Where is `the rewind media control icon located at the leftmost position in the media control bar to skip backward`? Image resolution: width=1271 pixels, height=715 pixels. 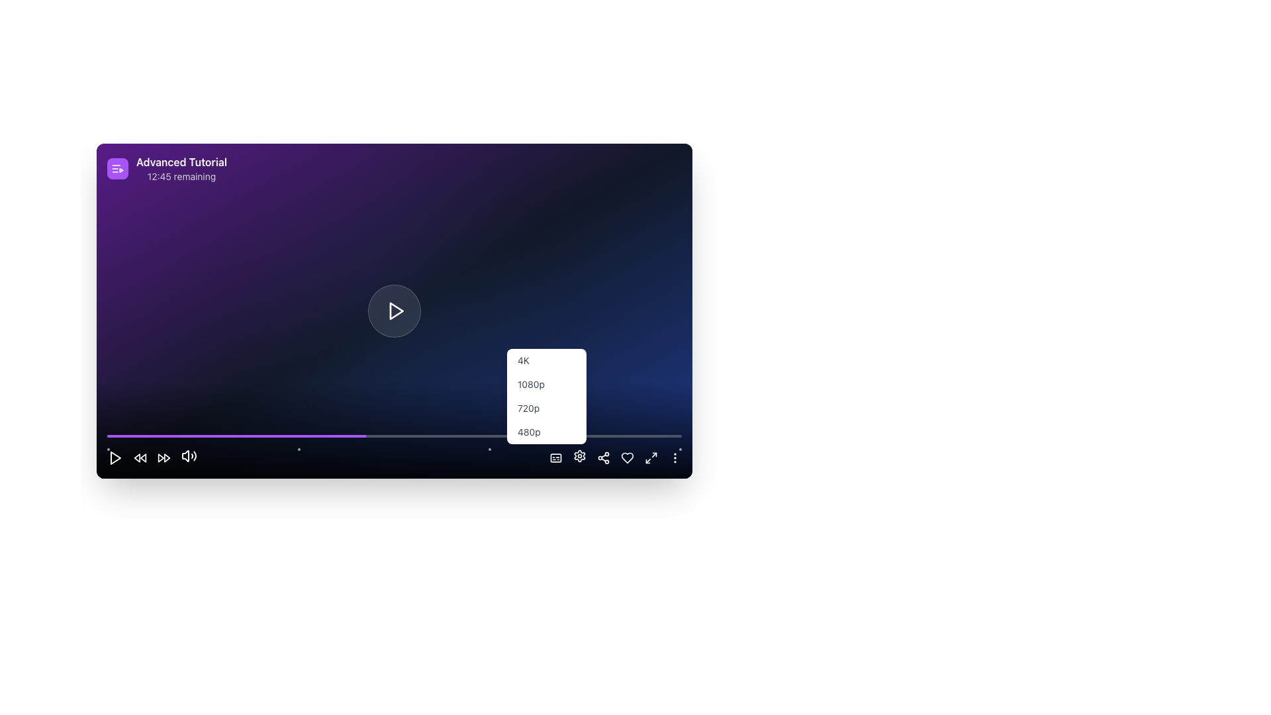
the rewind media control icon located at the leftmost position in the media control bar to skip backward is located at coordinates (160, 457).